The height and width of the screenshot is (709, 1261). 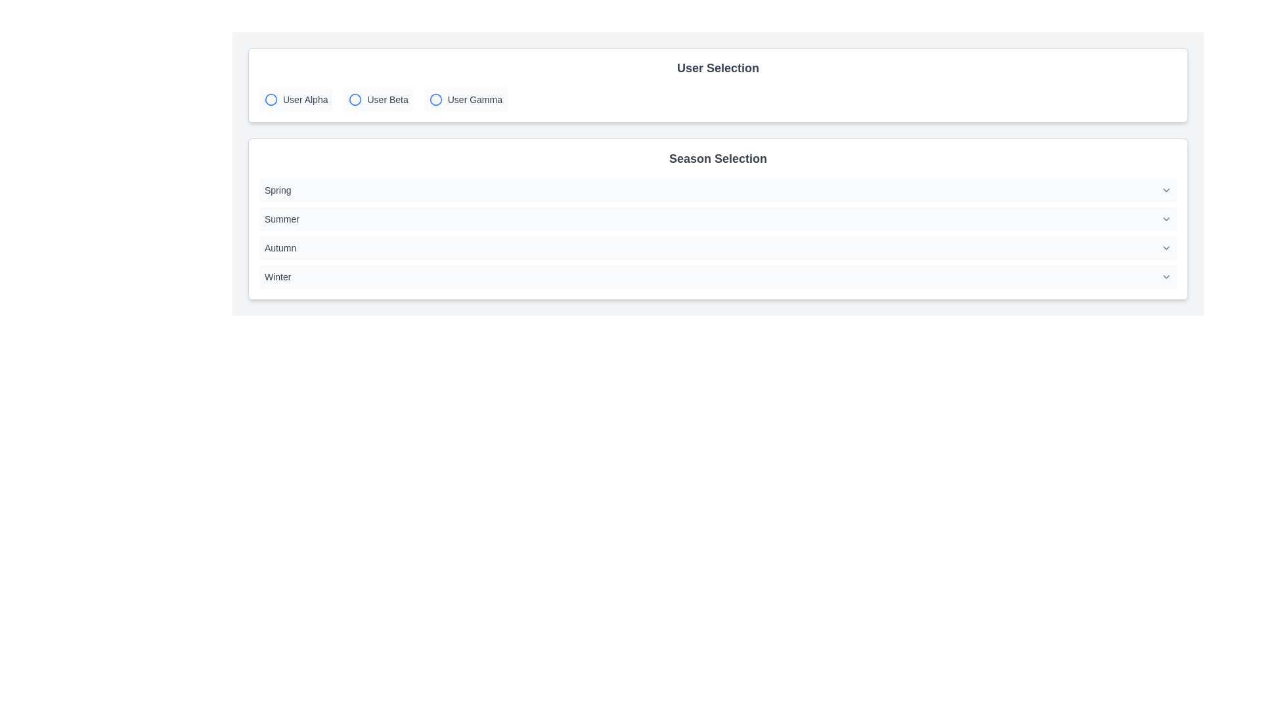 What do you see at coordinates (717, 190) in the screenshot?
I see `the first dropdown selector item labeled 'Spring'` at bounding box center [717, 190].